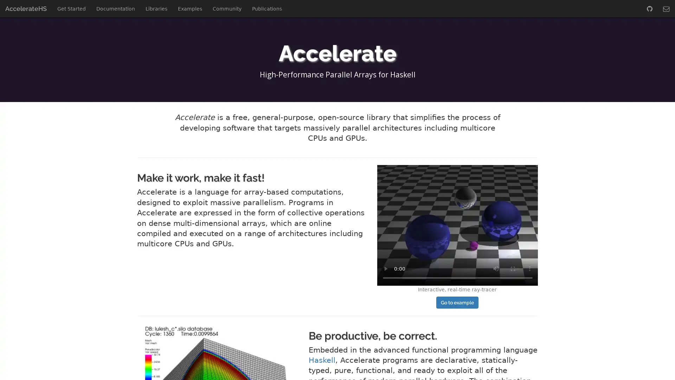  I want to click on mute, so click(495, 268).